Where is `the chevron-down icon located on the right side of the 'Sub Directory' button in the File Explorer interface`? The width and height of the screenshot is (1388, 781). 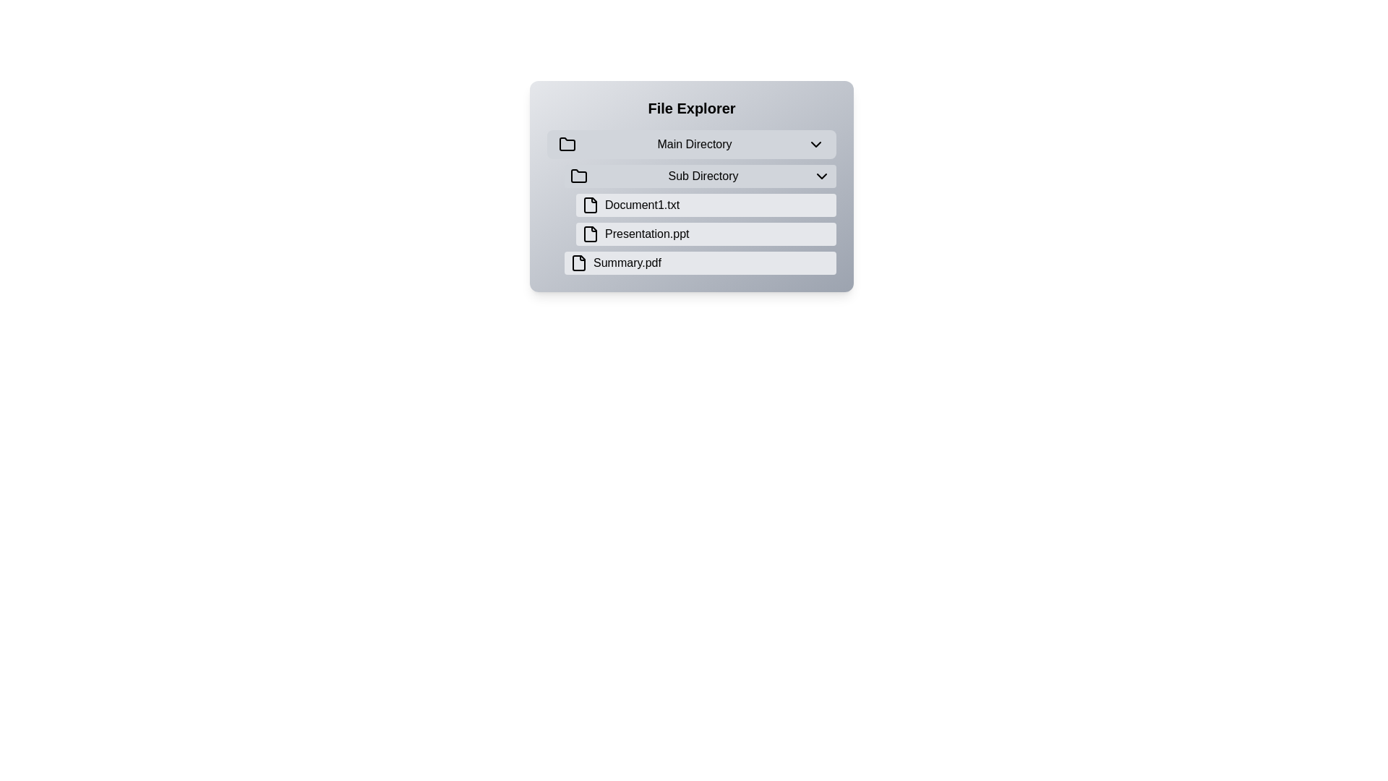
the chevron-down icon located on the right side of the 'Sub Directory' button in the File Explorer interface is located at coordinates (822, 175).